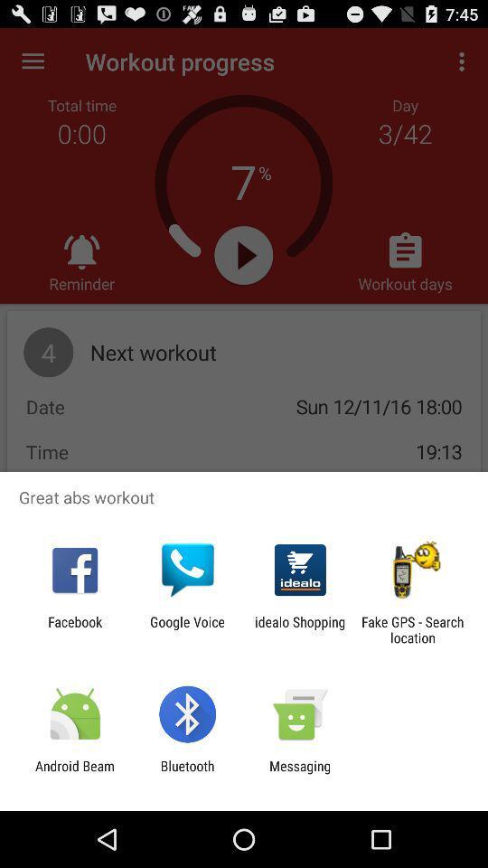 This screenshot has height=868, width=488. I want to click on the icon to the right of the bluetooth item, so click(300, 773).